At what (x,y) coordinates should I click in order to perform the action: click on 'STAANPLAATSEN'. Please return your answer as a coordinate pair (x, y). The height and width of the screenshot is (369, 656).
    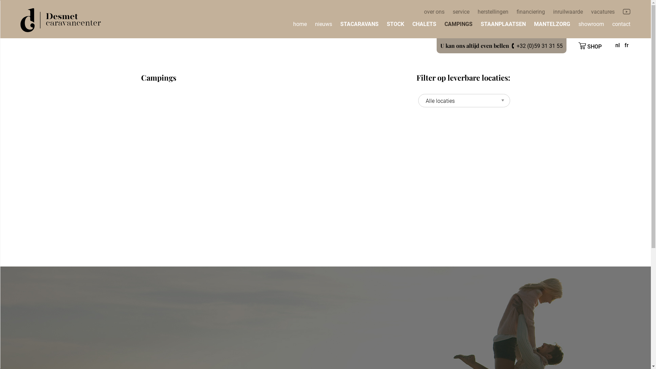
    Looking at the image, I should click on (503, 24).